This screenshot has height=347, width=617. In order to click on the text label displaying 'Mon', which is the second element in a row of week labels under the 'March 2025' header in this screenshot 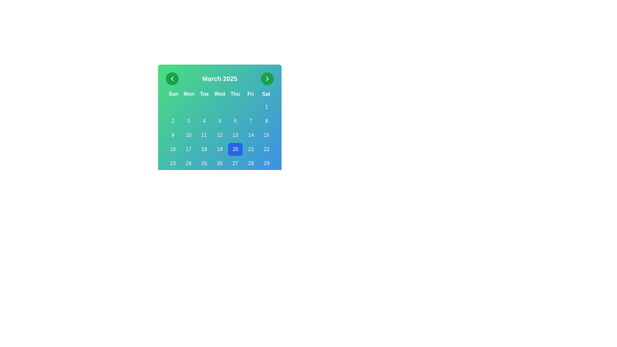, I will do `click(189, 94)`.